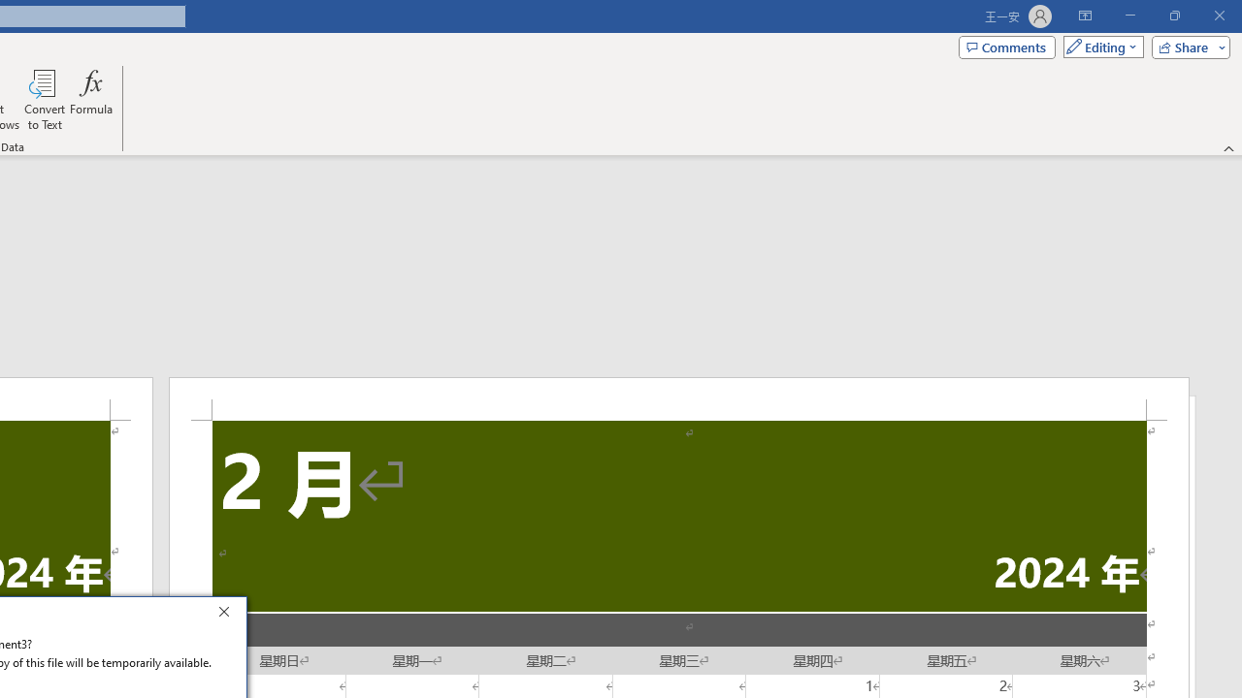 This screenshot has height=698, width=1242. Describe the element at coordinates (229, 614) in the screenshot. I see `'Close'` at that location.